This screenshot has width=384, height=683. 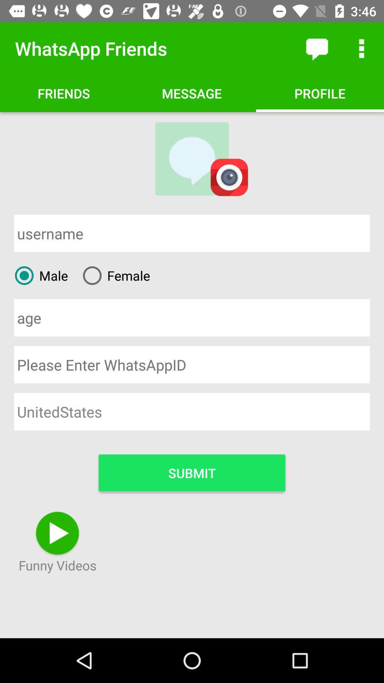 I want to click on the male icon, so click(x=38, y=275).